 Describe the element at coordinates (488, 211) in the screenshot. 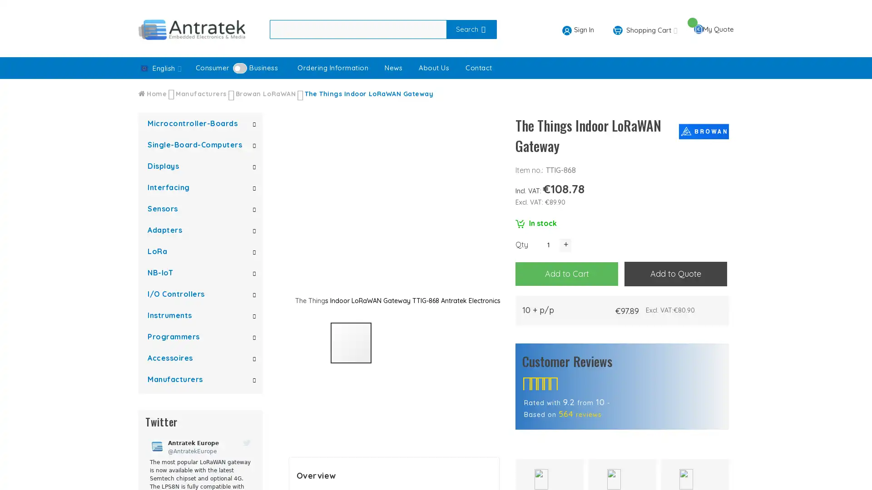

I see `Next` at that location.